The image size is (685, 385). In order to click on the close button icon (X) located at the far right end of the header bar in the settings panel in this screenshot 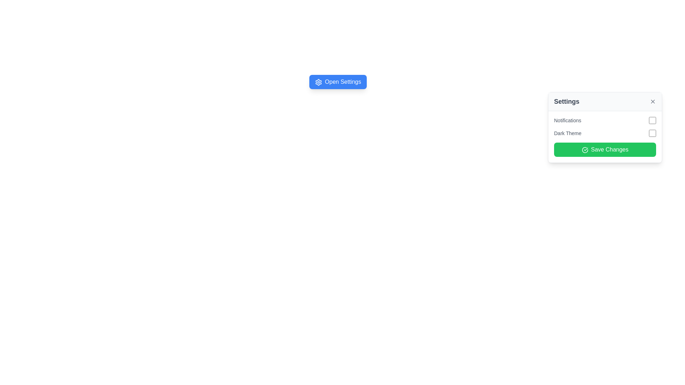, I will do `click(653, 102)`.